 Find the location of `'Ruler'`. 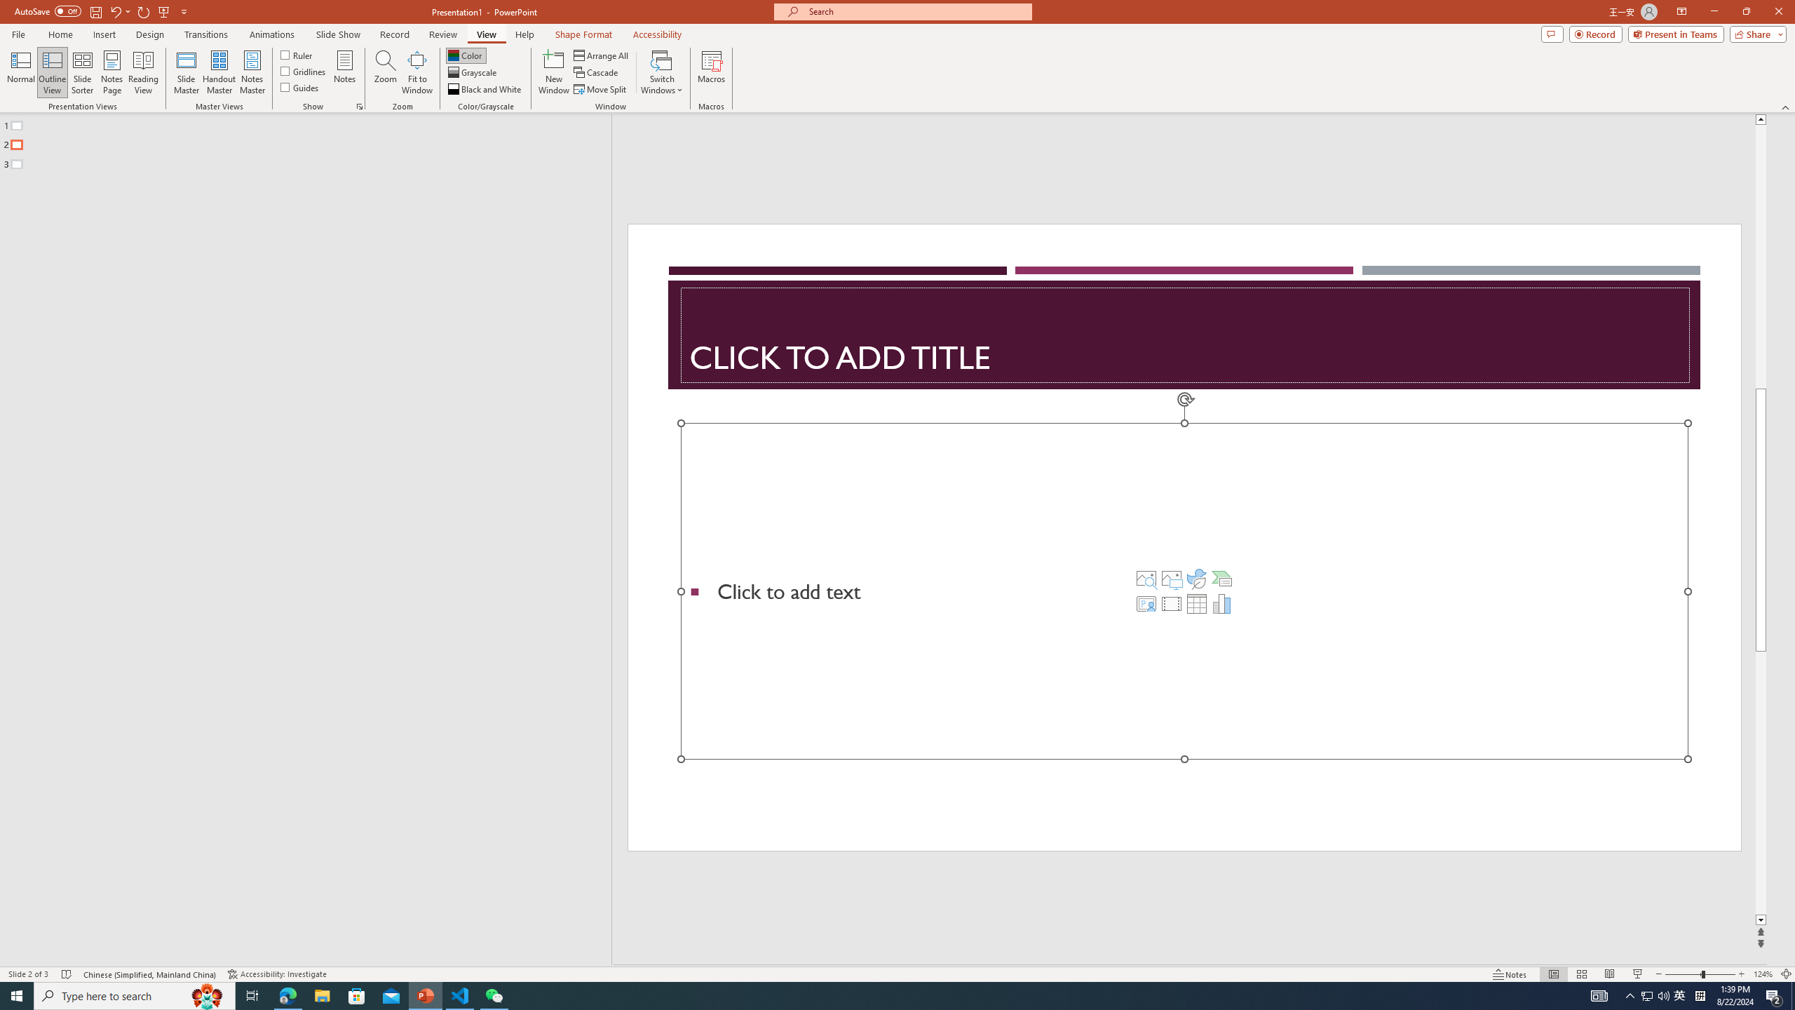

'Ruler' is located at coordinates (297, 54).